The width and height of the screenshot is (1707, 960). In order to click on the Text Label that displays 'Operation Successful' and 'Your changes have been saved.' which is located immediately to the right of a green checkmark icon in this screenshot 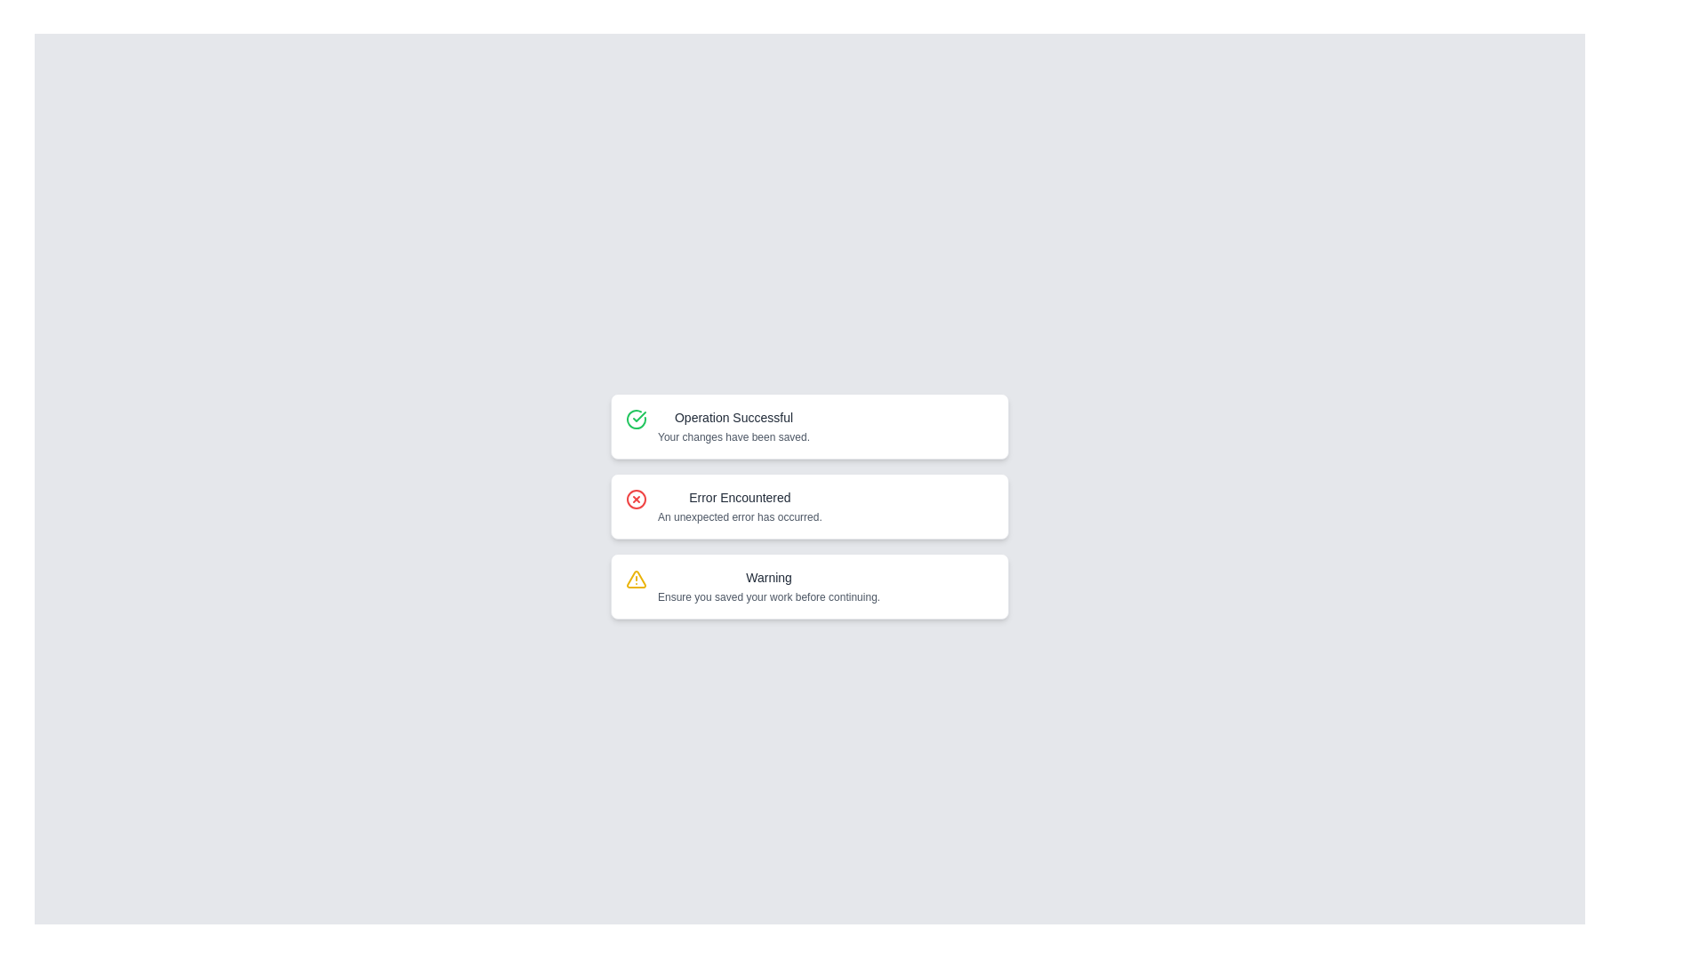, I will do `click(733, 426)`.